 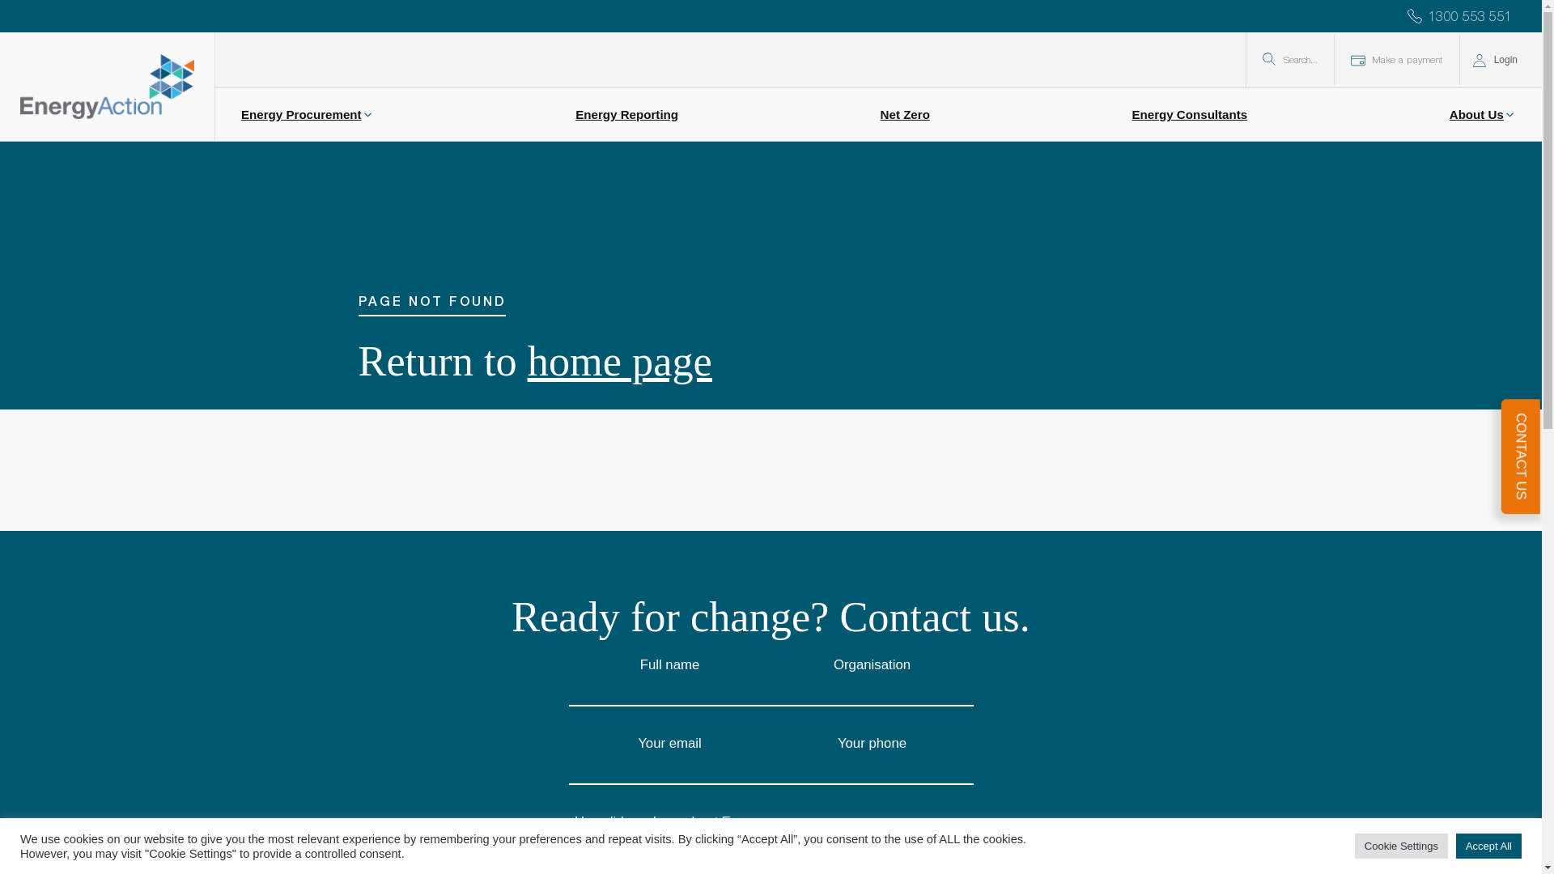 What do you see at coordinates (1422, 113) in the screenshot?
I see `'About Us'` at bounding box center [1422, 113].